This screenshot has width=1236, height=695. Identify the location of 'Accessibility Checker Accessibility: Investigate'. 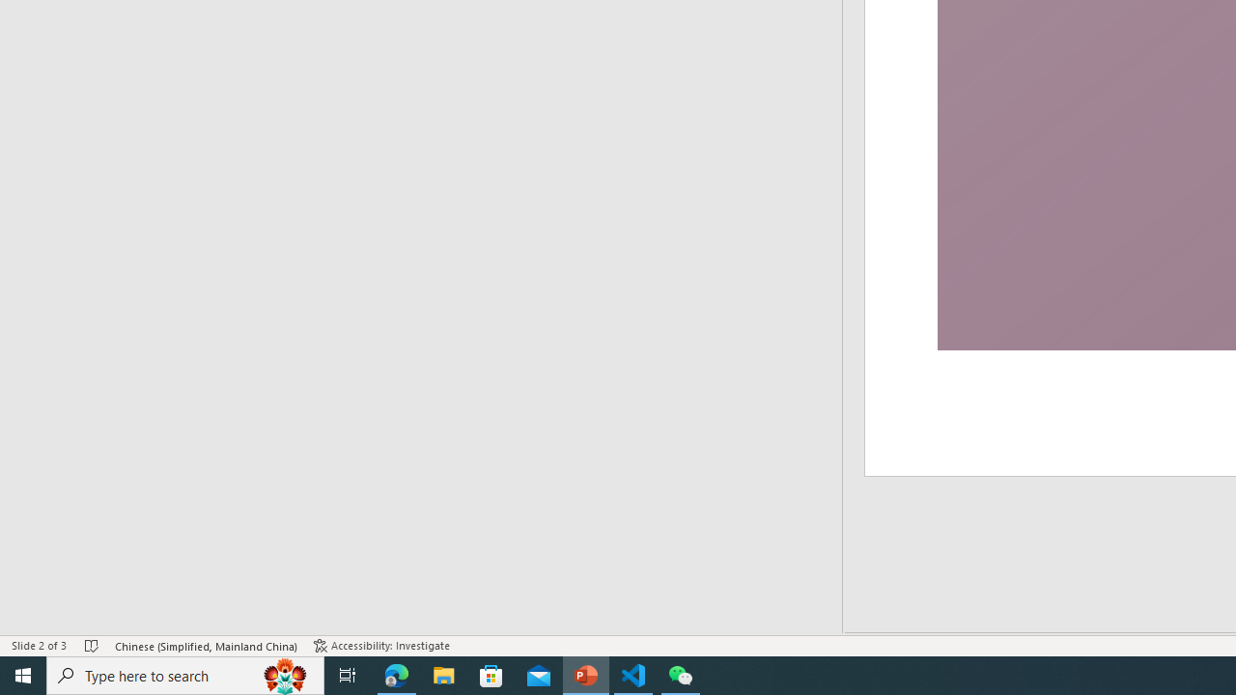
(381, 646).